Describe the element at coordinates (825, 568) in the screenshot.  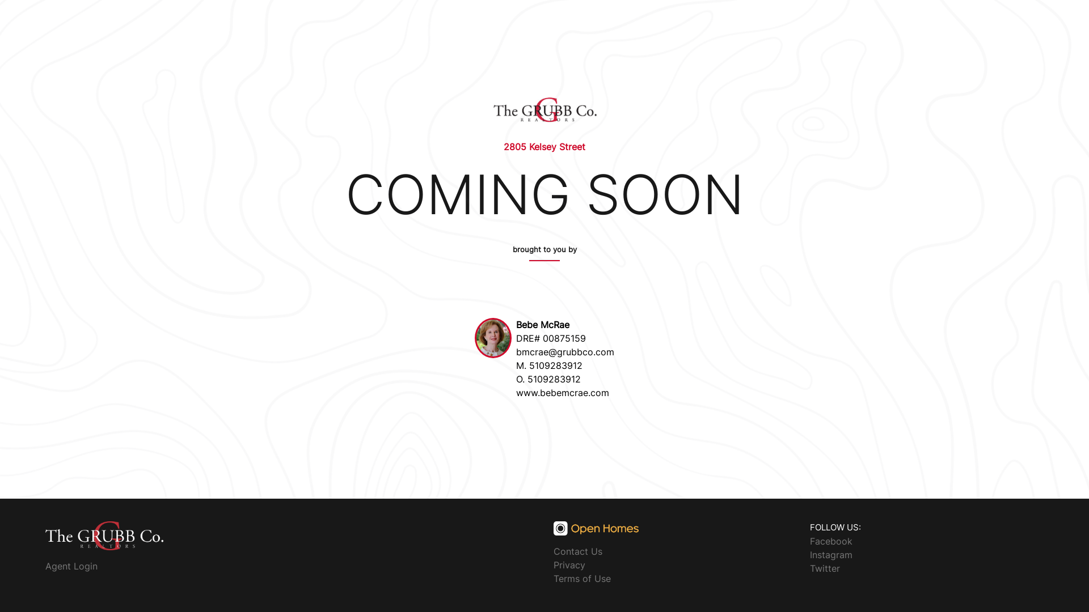
I see `'Twitter'` at that location.